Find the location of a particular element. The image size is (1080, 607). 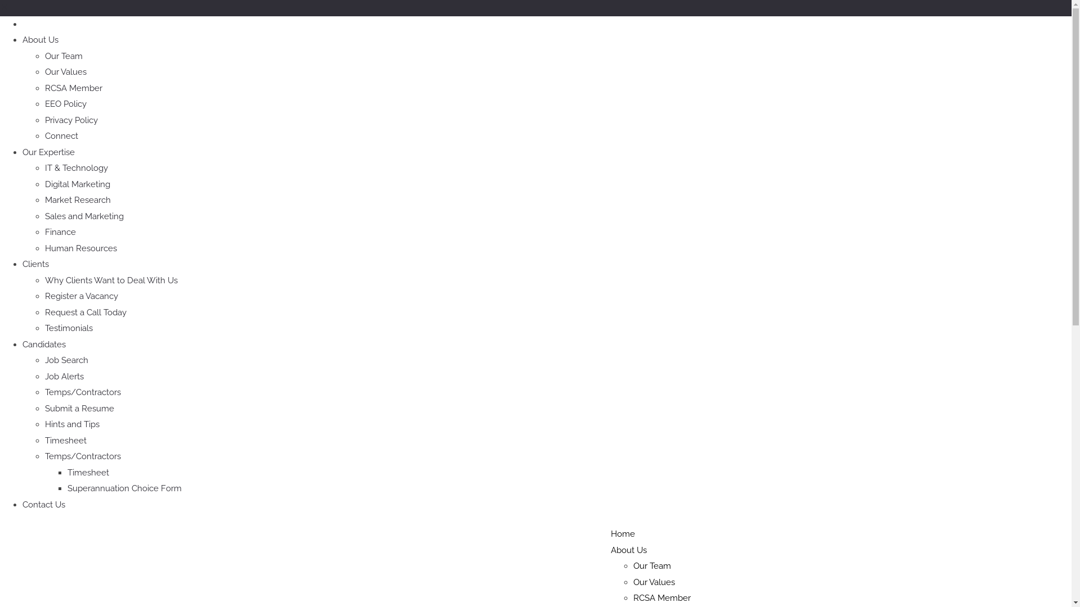

'Finance' is located at coordinates (45, 231).